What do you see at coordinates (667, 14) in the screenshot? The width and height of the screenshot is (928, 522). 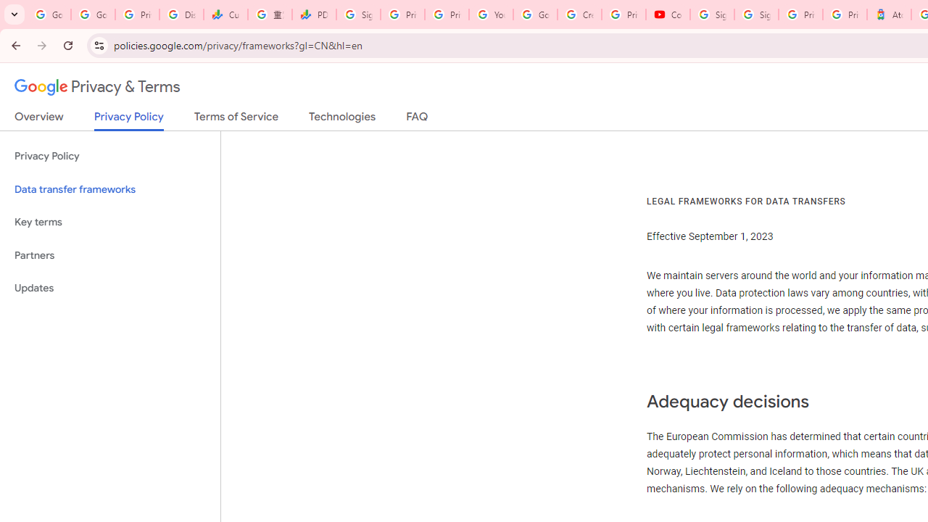 I see `'Content Creator Programs & Opportunities - YouTube Creators'` at bounding box center [667, 14].